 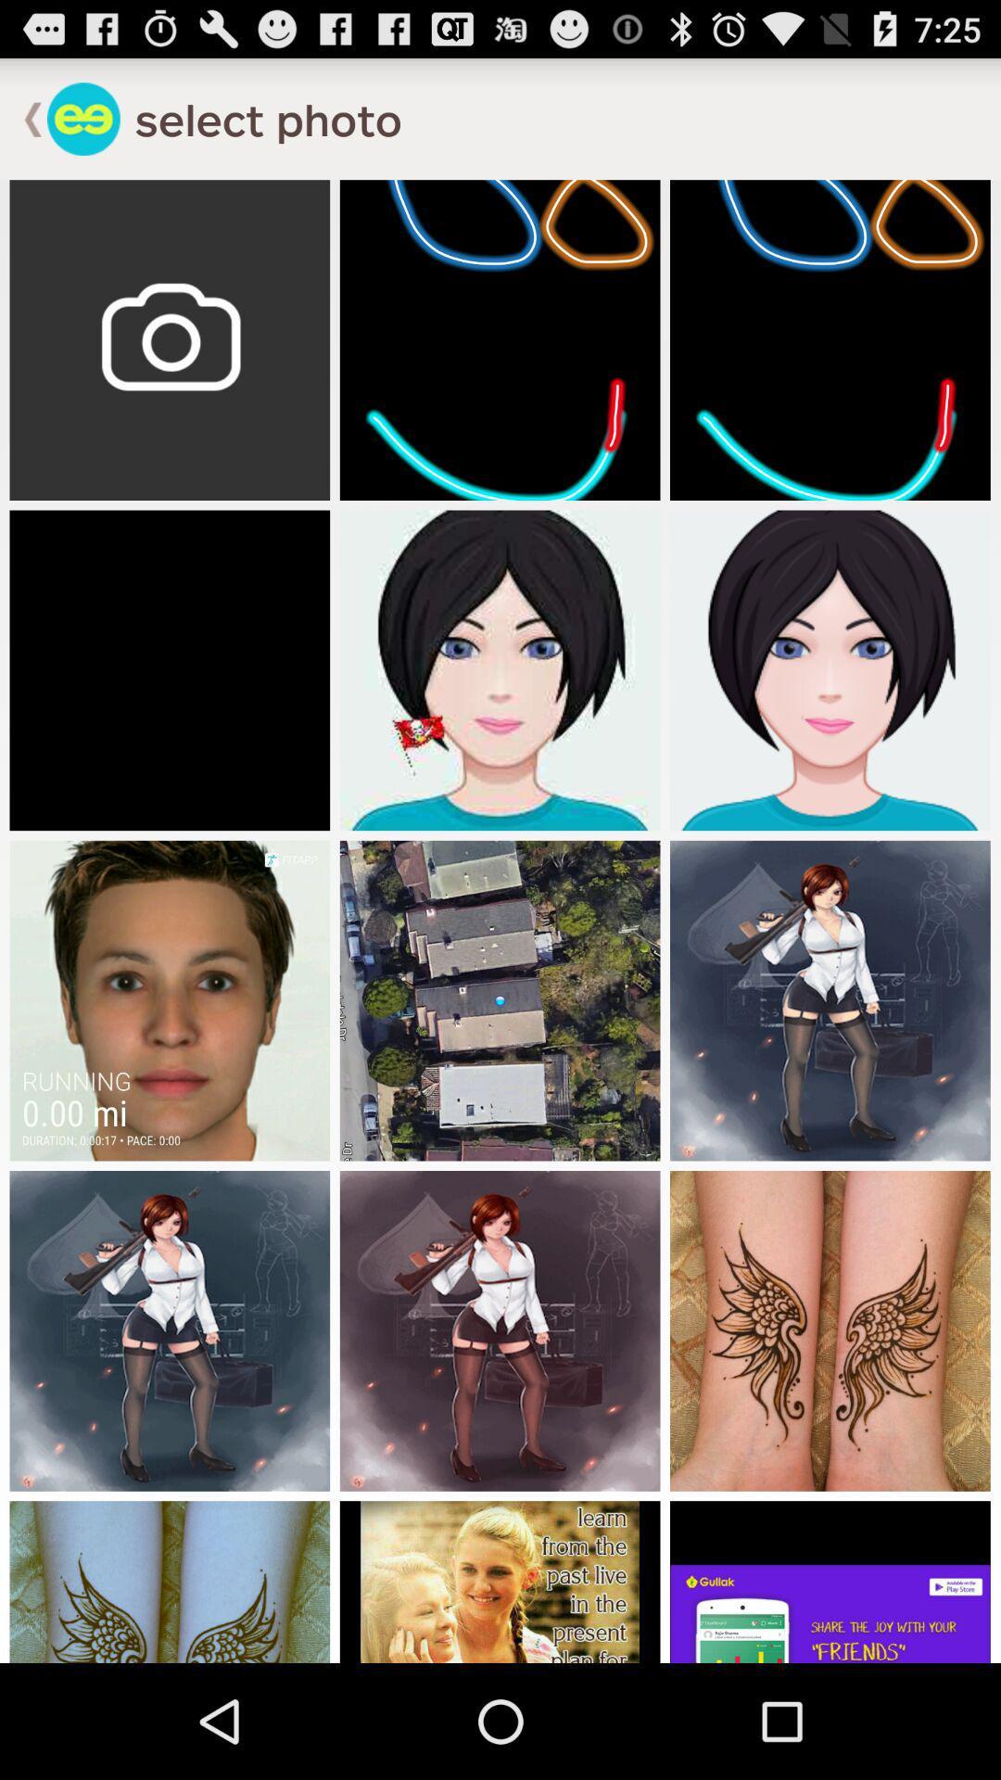 I want to click on app logo, so click(x=83, y=118).